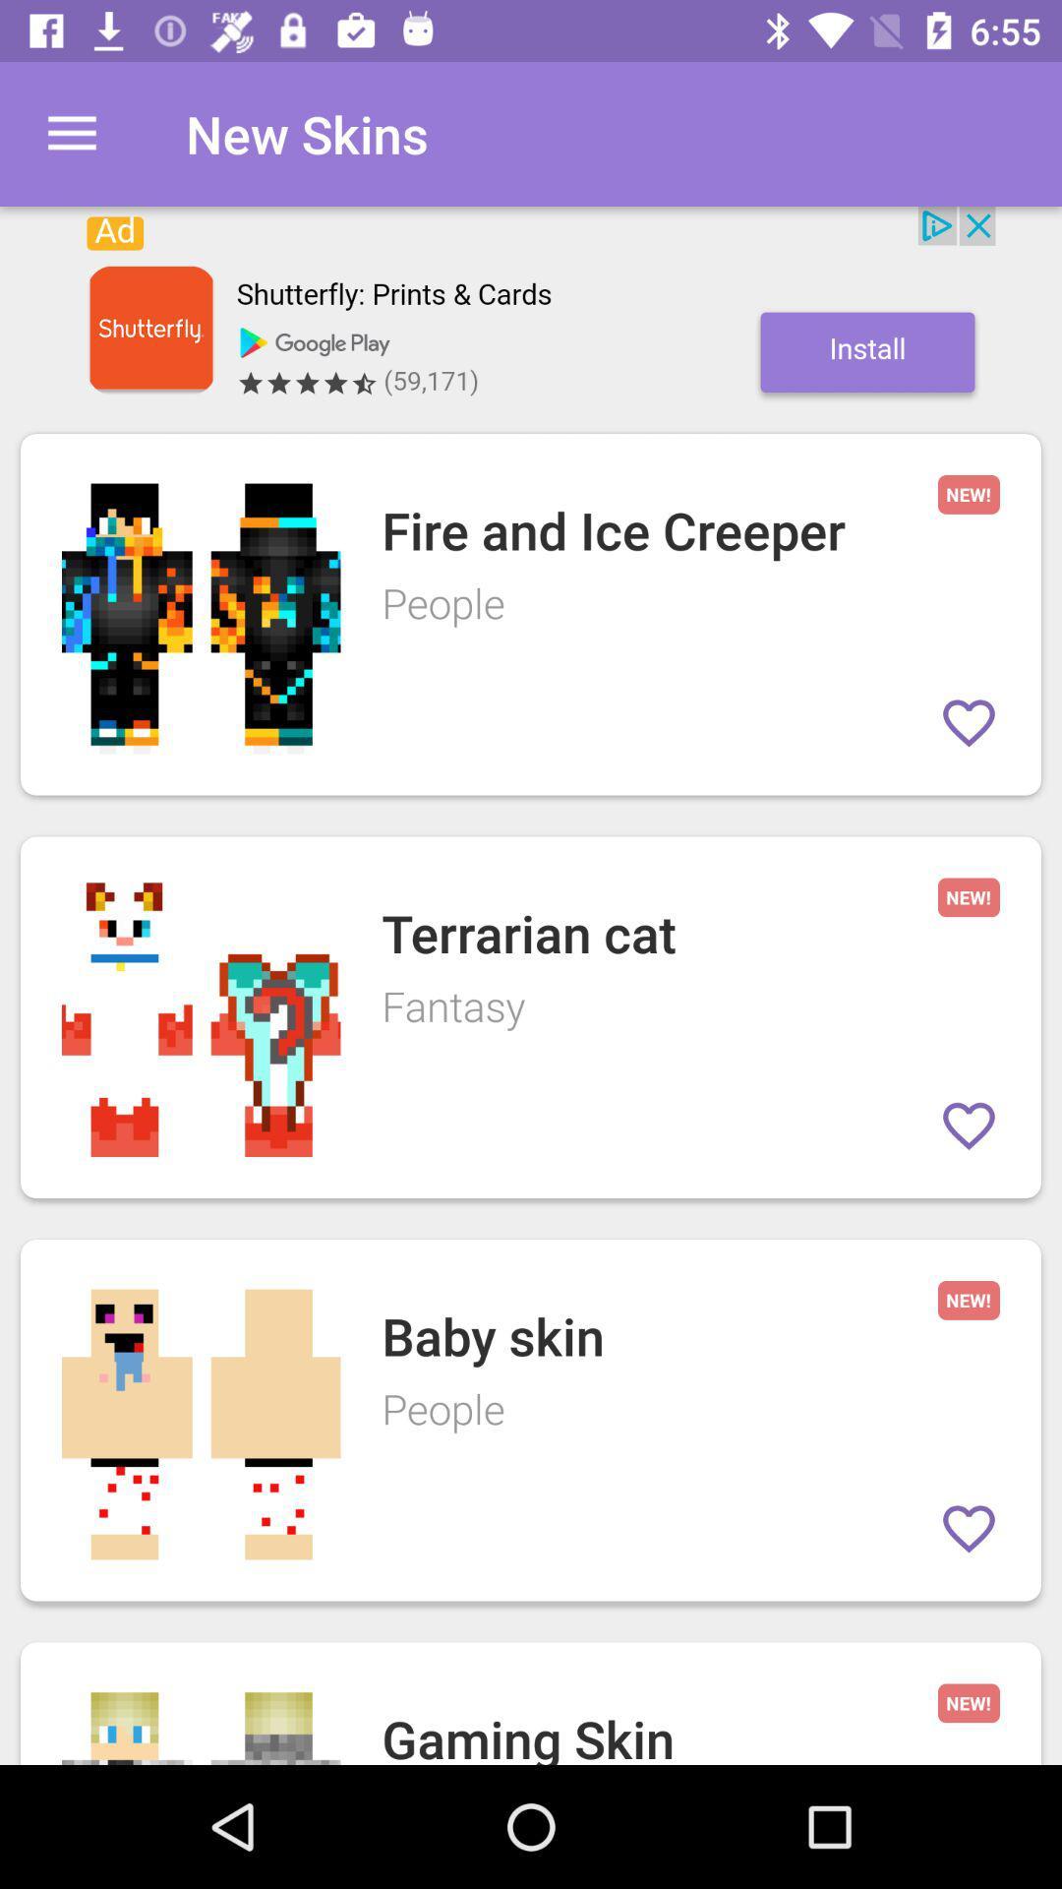 The height and width of the screenshot is (1889, 1062). What do you see at coordinates (968, 1126) in the screenshot?
I see `love this item` at bounding box center [968, 1126].